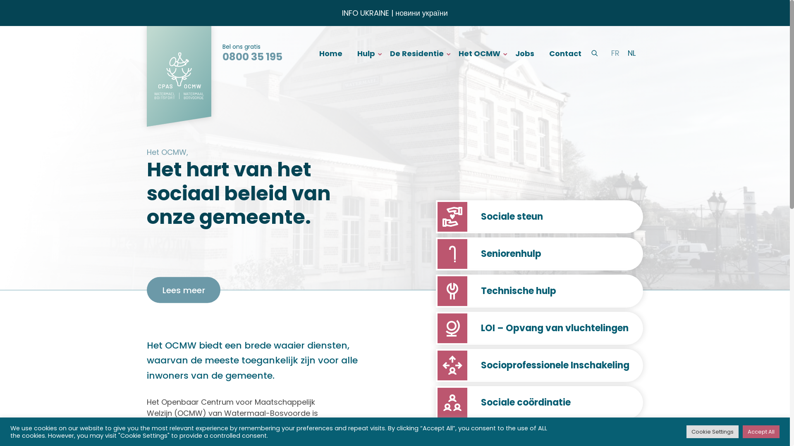  What do you see at coordinates (607, 53) in the screenshot?
I see `'FR'` at bounding box center [607, 53].